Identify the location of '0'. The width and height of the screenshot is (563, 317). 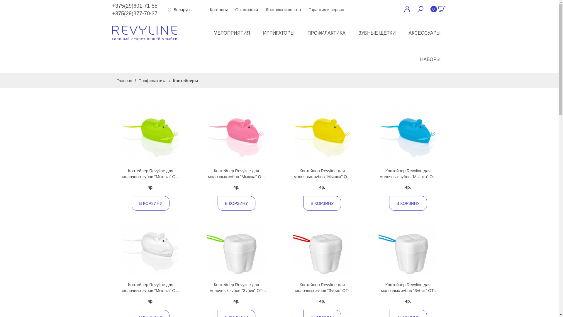
(438, 10).